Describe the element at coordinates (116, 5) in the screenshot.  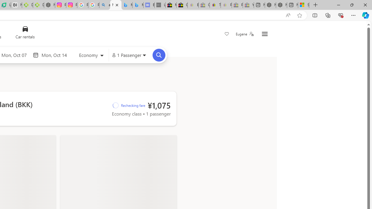
I see `'Microsoft Bing Travel - Flights from Hong Kong to Bangkok'` at that location.